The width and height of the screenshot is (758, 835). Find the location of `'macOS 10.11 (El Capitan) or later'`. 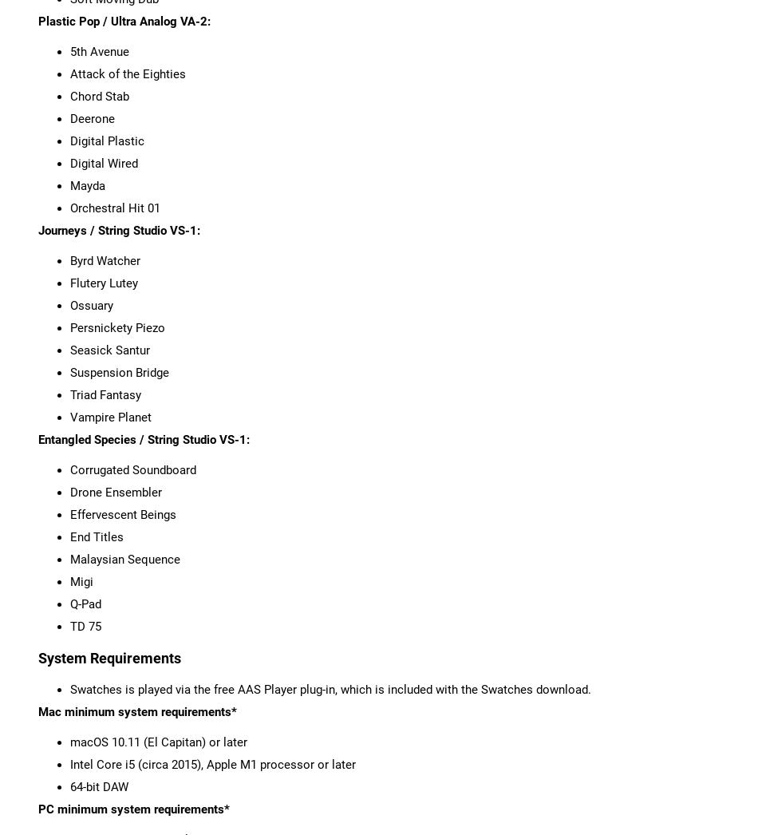

'macOS 10.11 (El Capitan) or later' is located at coordinates (69, 741).